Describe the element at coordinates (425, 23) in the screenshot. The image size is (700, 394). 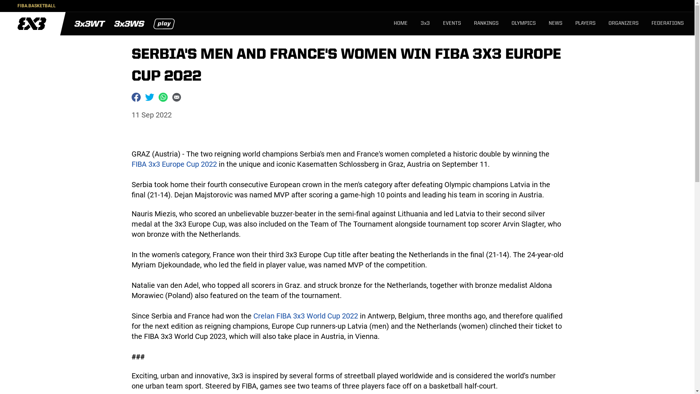
I see `'3x3'` at that location.